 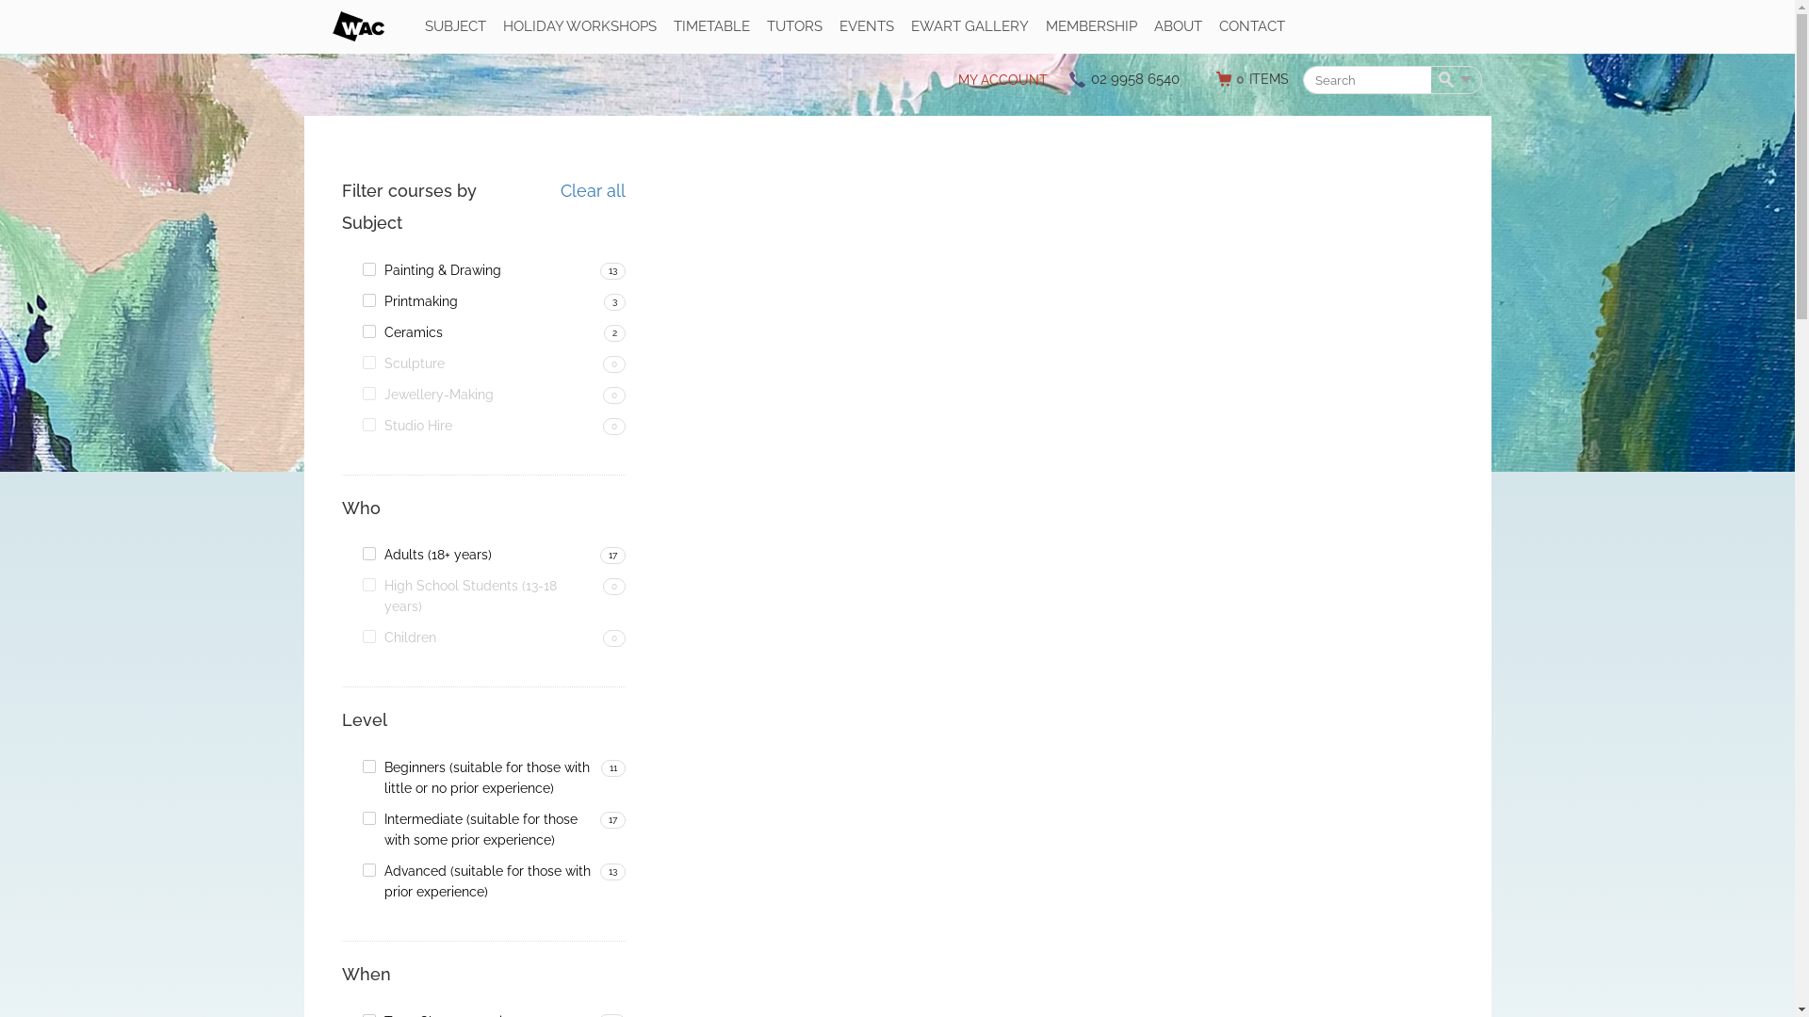 What do you see at coordinates (1444, 78) in the screenshot?
I see `'Search'` at bounding box center [1444, 78].